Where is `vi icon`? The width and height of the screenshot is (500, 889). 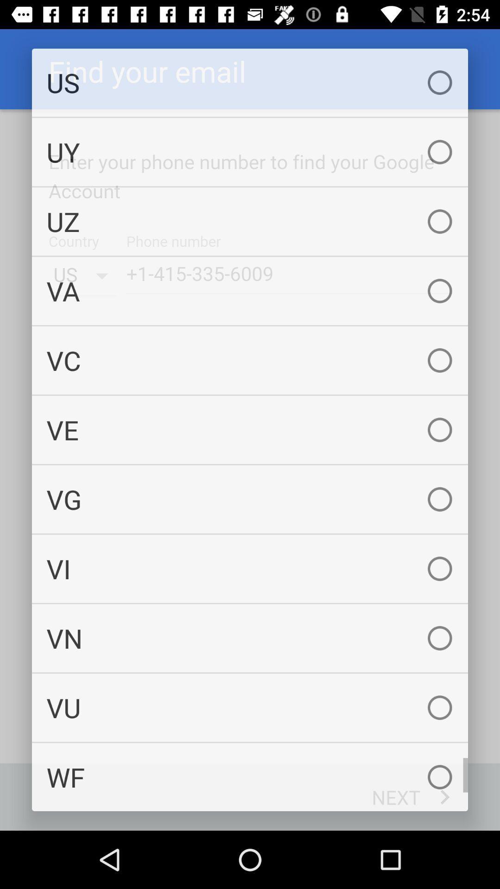
vi icon is located at coordinates (250, 568).